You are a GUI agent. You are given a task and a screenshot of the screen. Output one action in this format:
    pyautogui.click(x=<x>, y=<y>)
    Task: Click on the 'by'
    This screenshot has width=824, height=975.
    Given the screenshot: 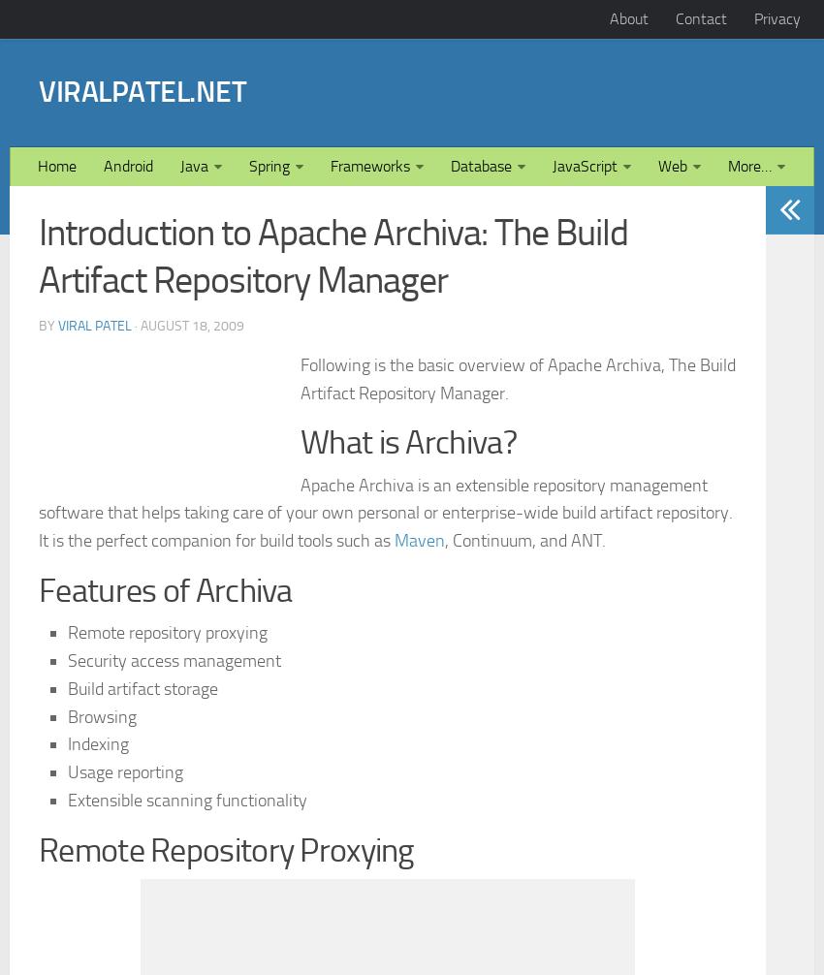 What is the action you would take?
    pyautogui.click(x=48, y=596)
    